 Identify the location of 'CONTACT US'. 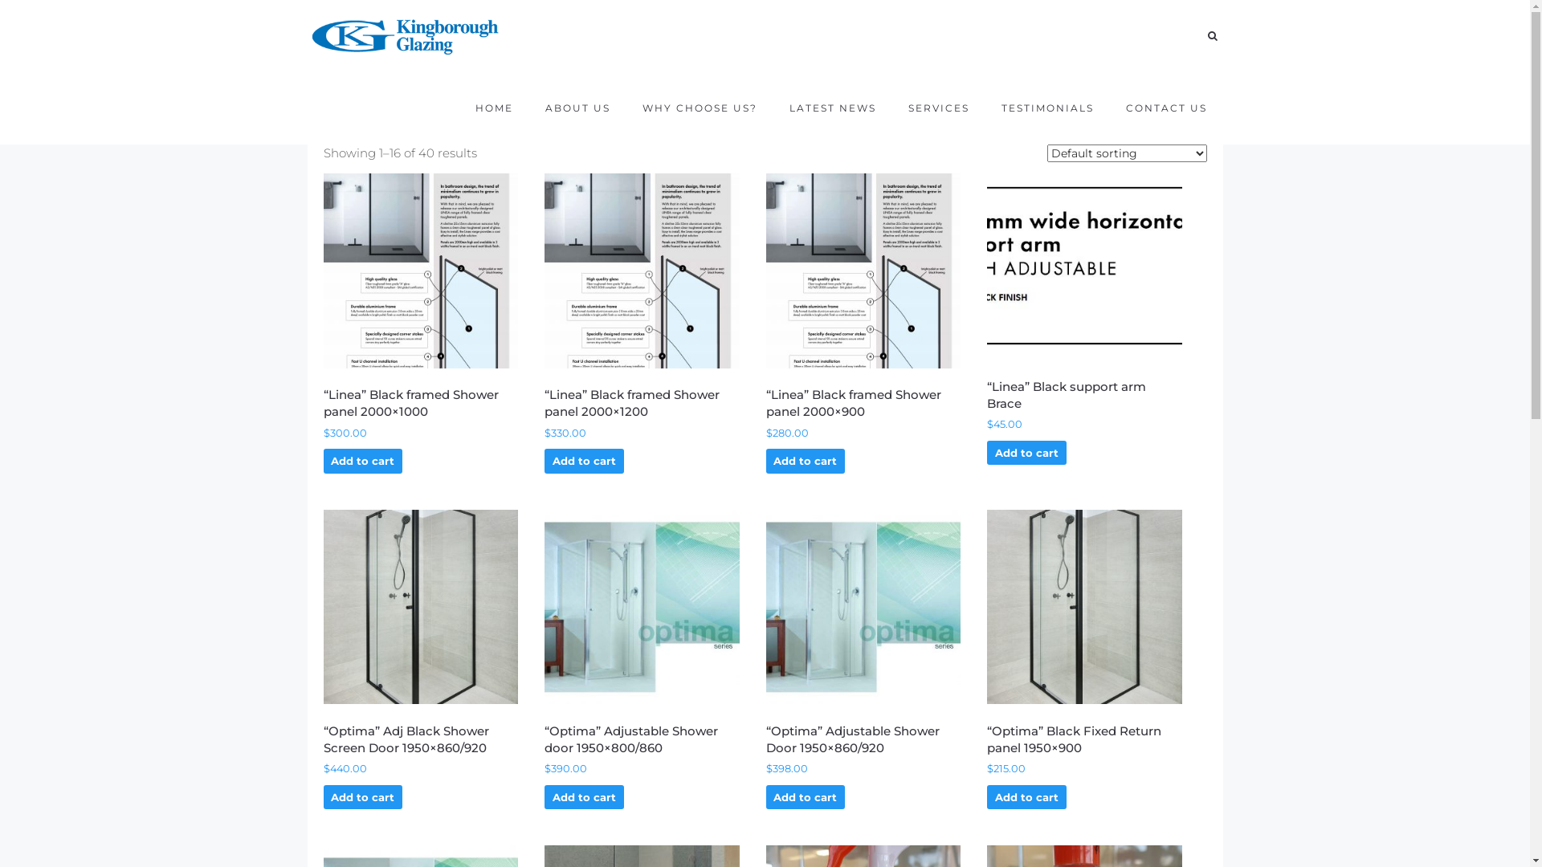
(1165, 108).